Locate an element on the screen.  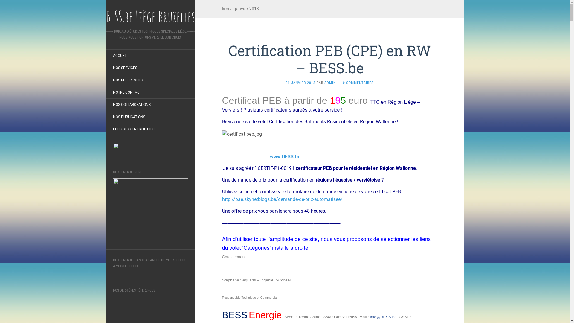
'info@BESS.be' is located at coordinates (383, 316).